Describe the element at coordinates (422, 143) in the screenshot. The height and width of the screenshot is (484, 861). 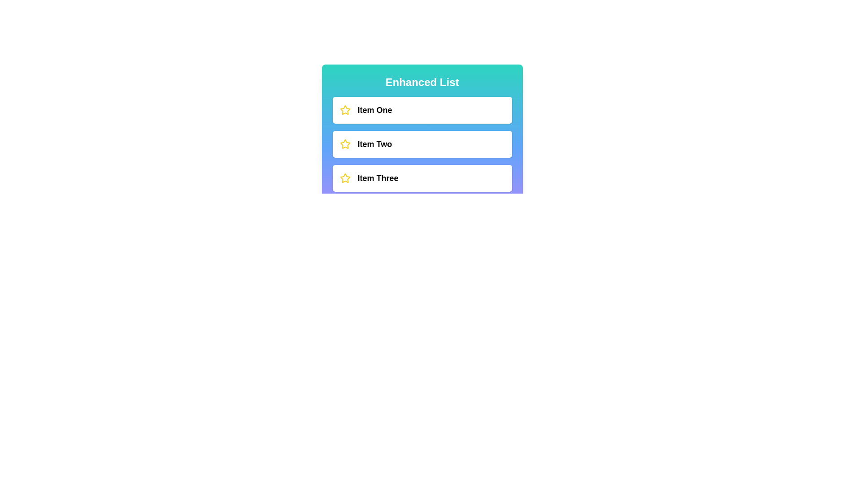
I see `the item Item Two to select it` at that location.